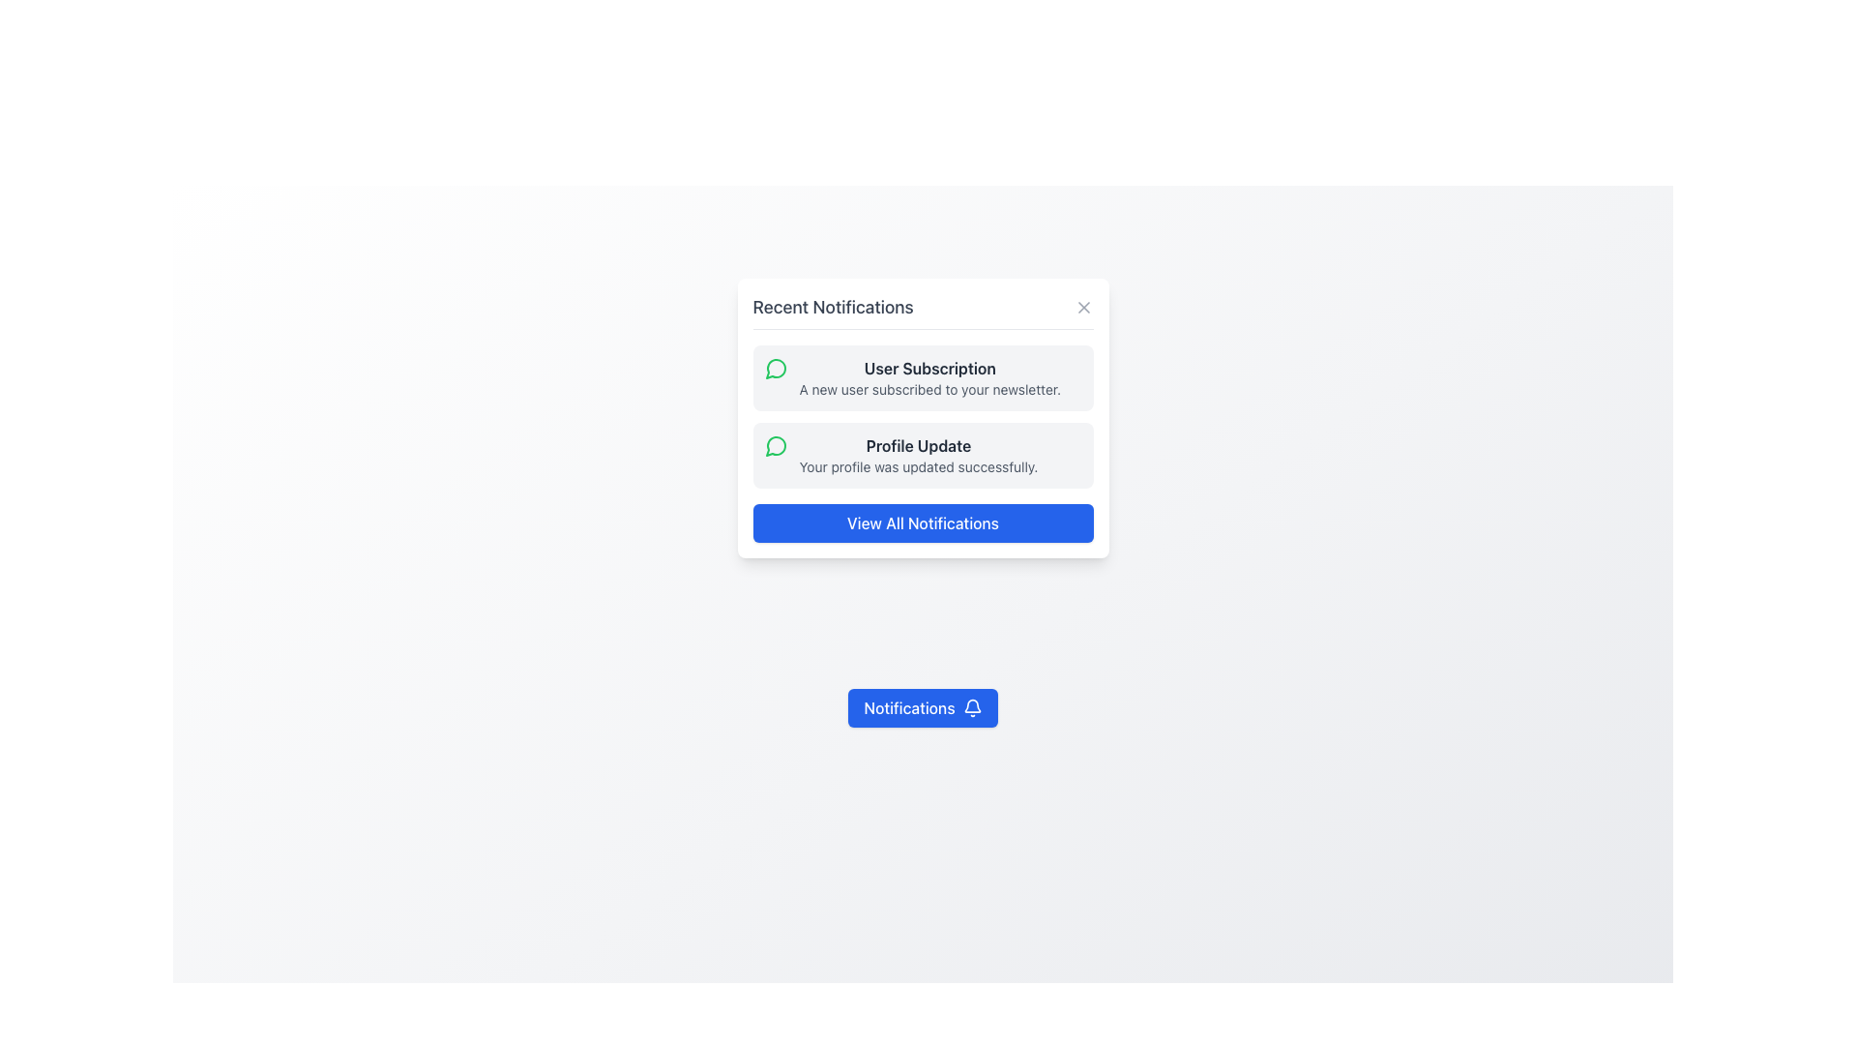  What do you see at coordinates (776, 446) in the screenshot?
I see `the second icon in the 'Recent Notifications' section that signifies the 'Profile Update' notification` at bounding box center [776, 446].